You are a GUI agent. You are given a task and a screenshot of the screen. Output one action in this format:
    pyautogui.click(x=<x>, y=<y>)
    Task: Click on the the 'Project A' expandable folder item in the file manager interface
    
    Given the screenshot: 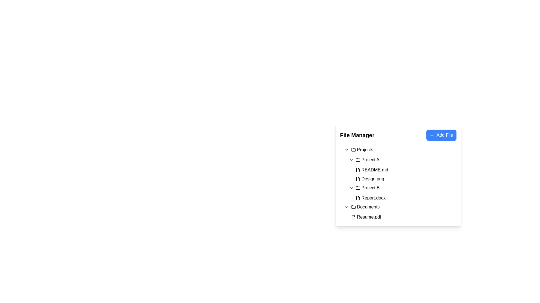 What is the action you would take?
    pyautogui.click(x=402, y=160)
    